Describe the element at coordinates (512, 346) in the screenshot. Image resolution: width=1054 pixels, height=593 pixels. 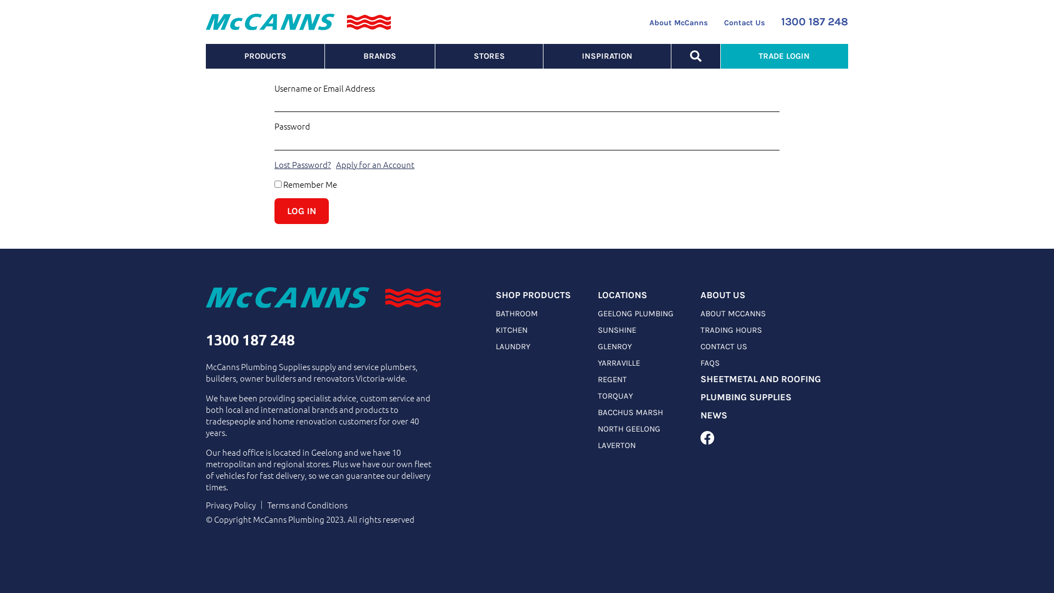
I see `'LAUNDRY'` at that location.